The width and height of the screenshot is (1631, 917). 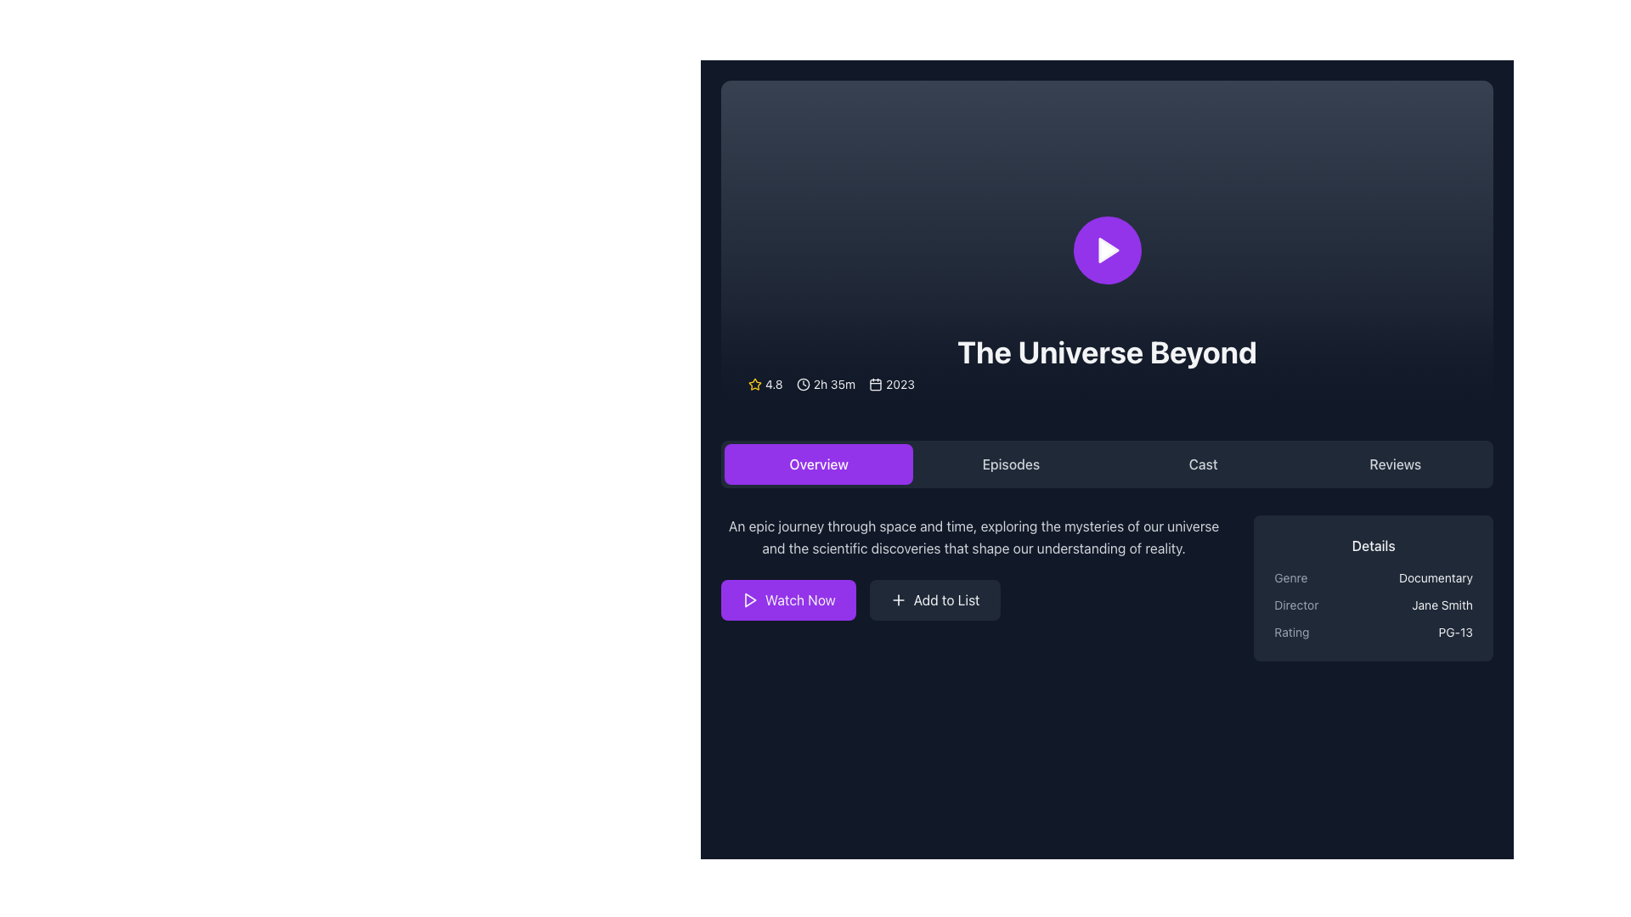 What do you see at coordinates (1454, 632) in the screenshot?
I see `the 'PG-13' text label, which is styled in a standard font and located to the right of the 'Rating' label in the 'Details' section` at bounding box center [1454, 632].